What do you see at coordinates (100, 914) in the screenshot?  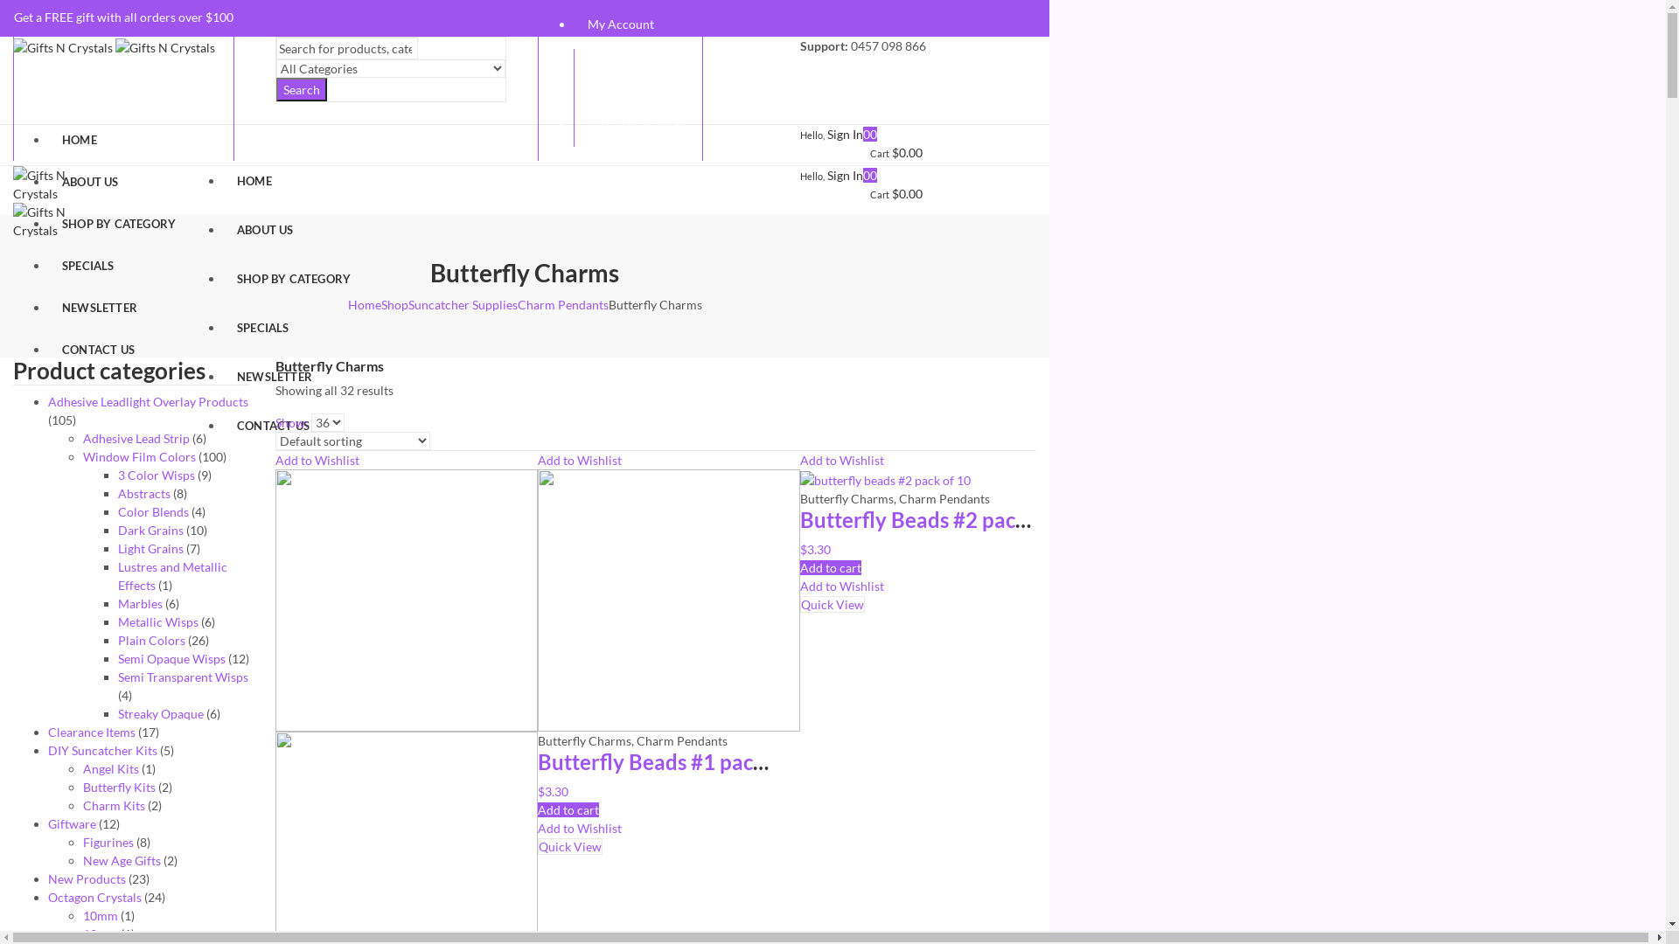 I see `'10mm'` at bounding box center [100, 914].